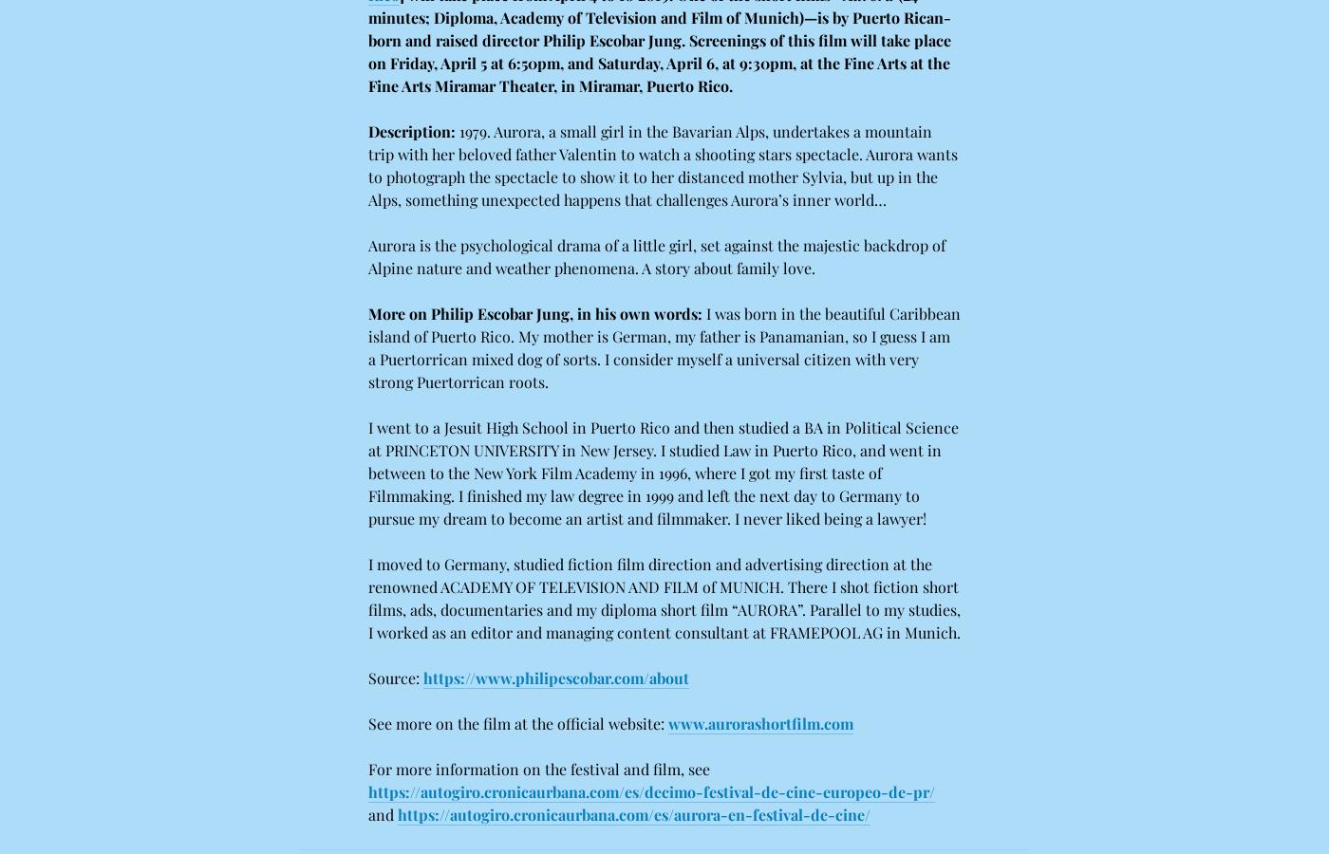 The image size is (1329, 854). Describe the element at coordinates (367, 131) in the screenshot. I see `'Description:'` at that location.